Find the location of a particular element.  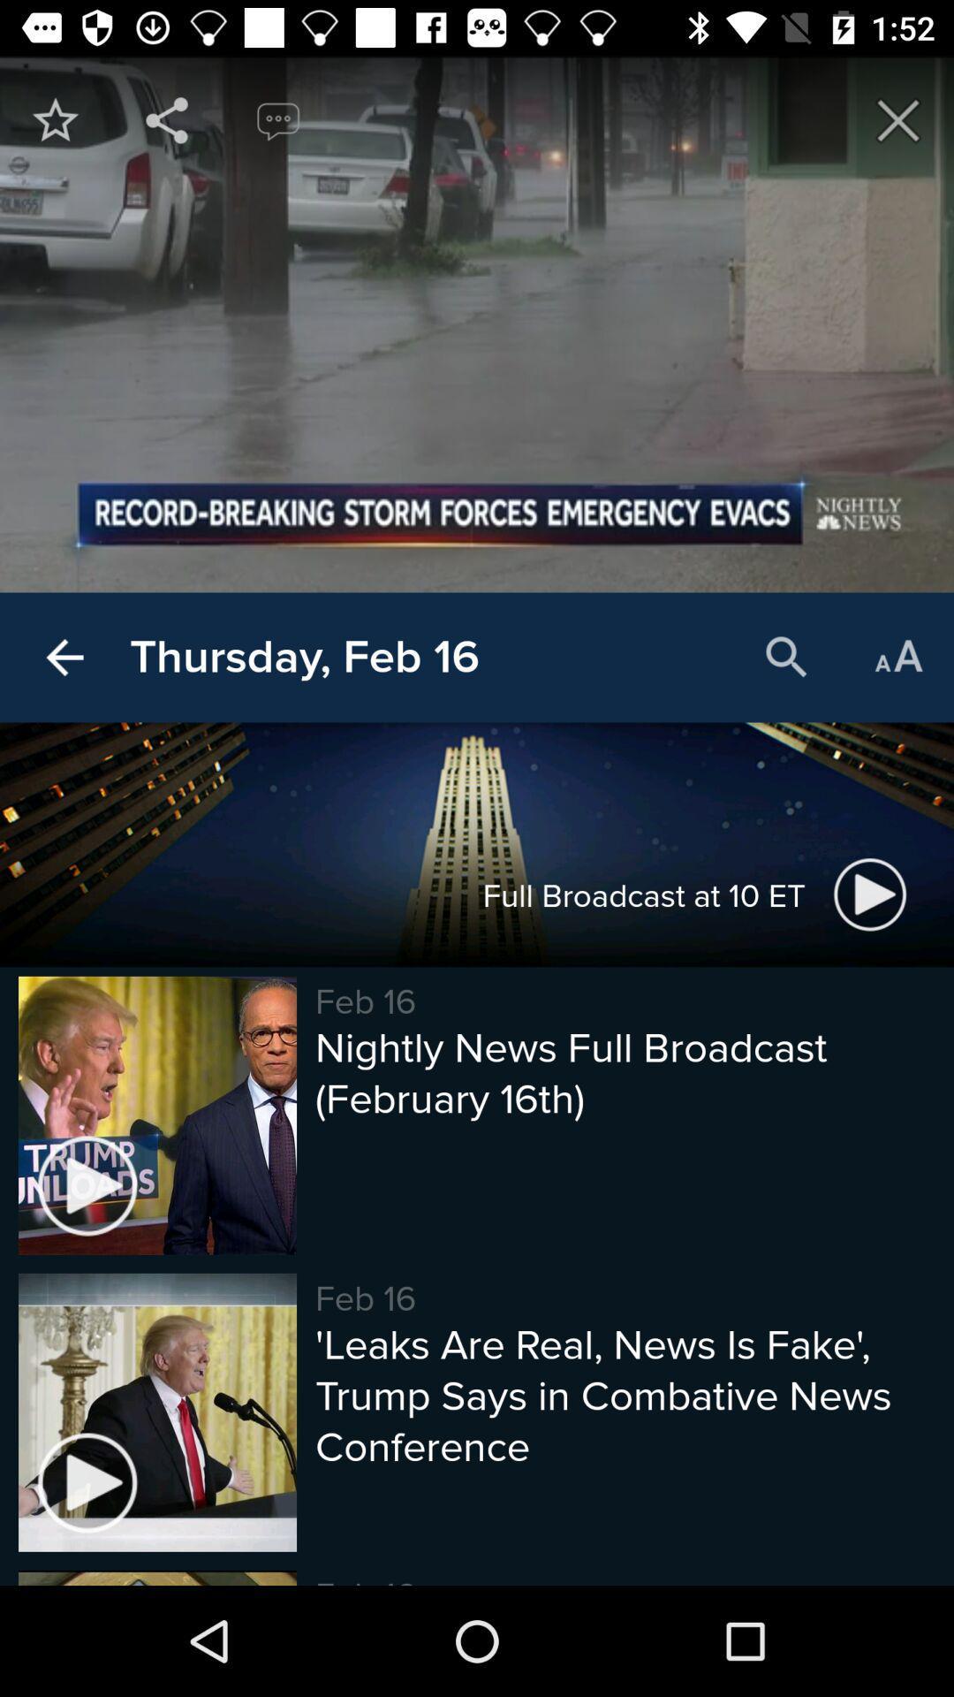

exit page is located at coordinates (898, 119).